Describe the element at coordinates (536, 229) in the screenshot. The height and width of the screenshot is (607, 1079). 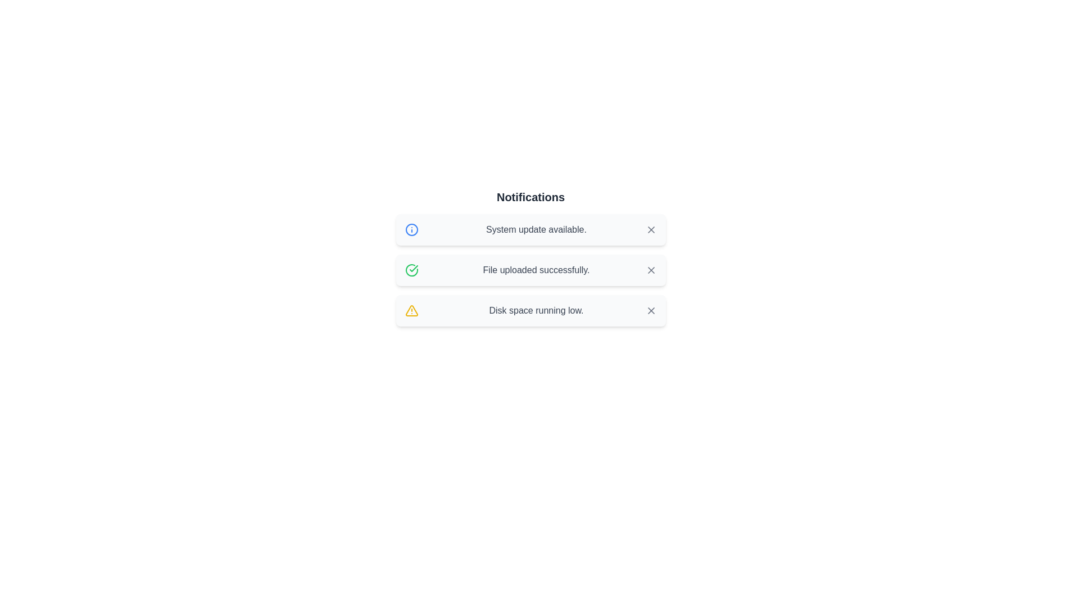
I see `the notification message displayed in the central text label about the system update` at that location.